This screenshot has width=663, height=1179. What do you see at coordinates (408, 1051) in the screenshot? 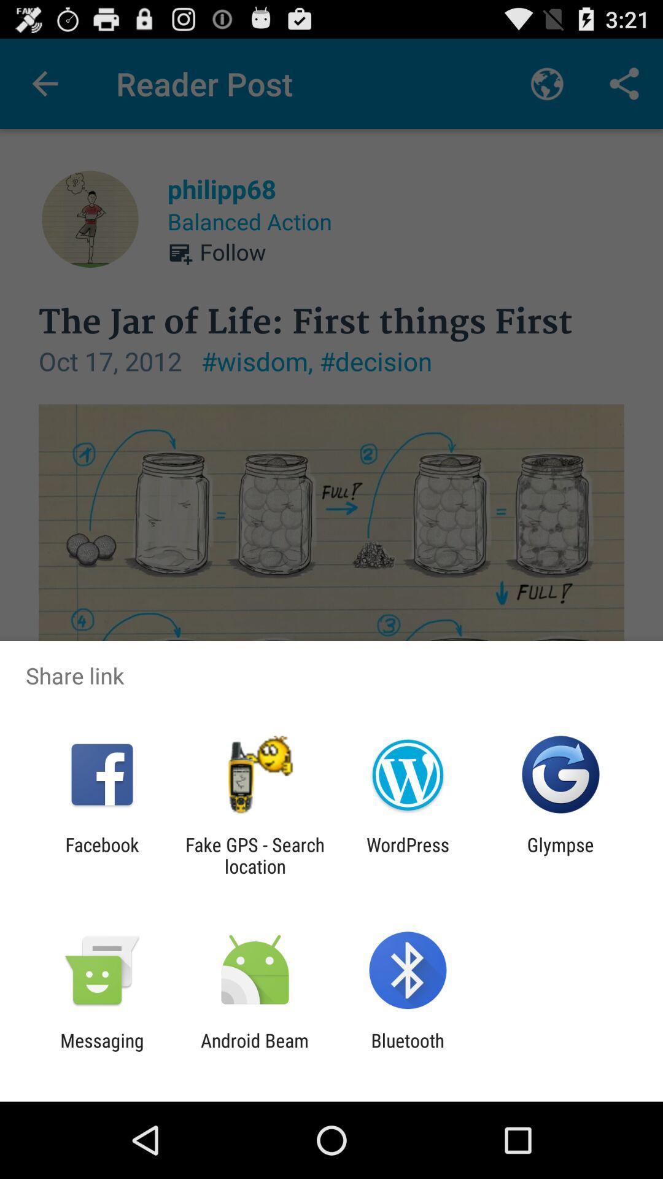
I see `the icon next to the android beam app` at bounding box center [408, 1051].